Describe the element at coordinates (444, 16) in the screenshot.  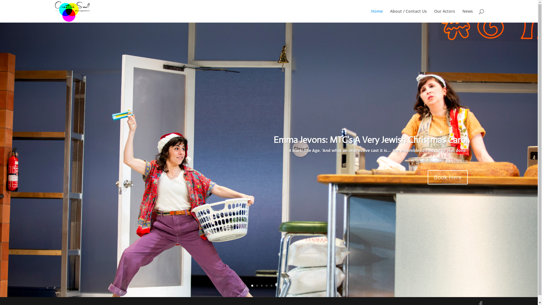
I see `'Our Actors'` at that location.